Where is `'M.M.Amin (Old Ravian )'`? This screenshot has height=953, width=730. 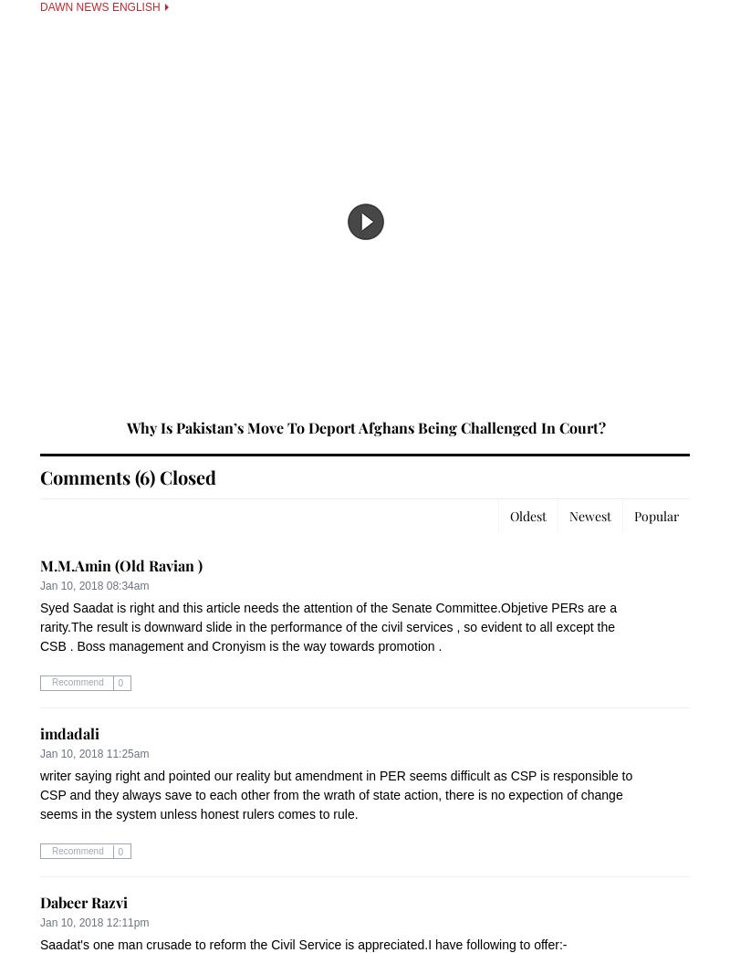
'M.M.Amin (Old Ravian )' is located at coordinates (120, 564).